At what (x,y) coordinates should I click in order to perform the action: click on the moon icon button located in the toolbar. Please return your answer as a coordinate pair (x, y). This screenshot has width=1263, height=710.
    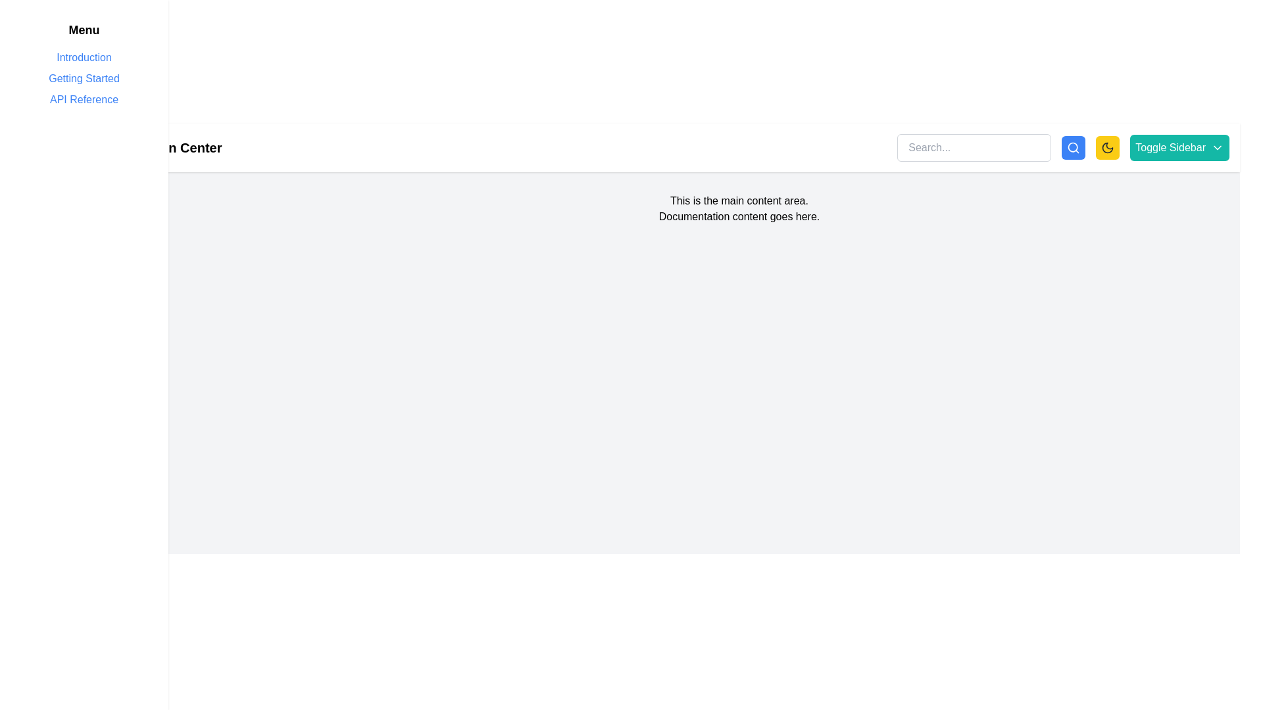
    Looking at the image, I should click on (1107, 147).